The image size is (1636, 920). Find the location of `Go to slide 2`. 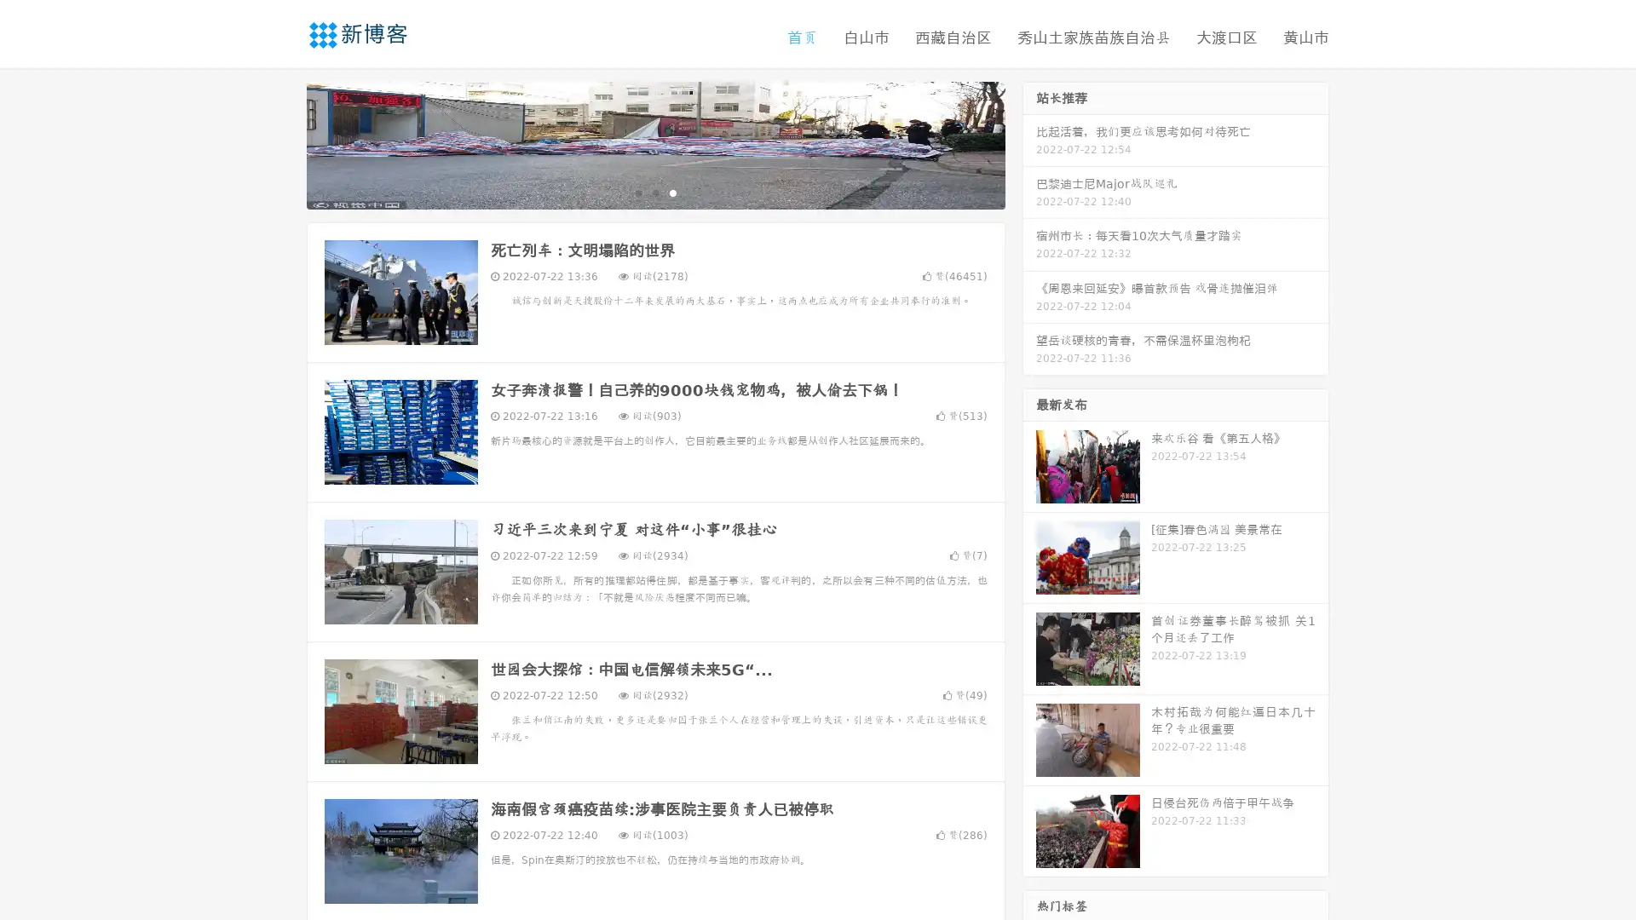

Go to slide 2 is located at coordinates (654, 192).